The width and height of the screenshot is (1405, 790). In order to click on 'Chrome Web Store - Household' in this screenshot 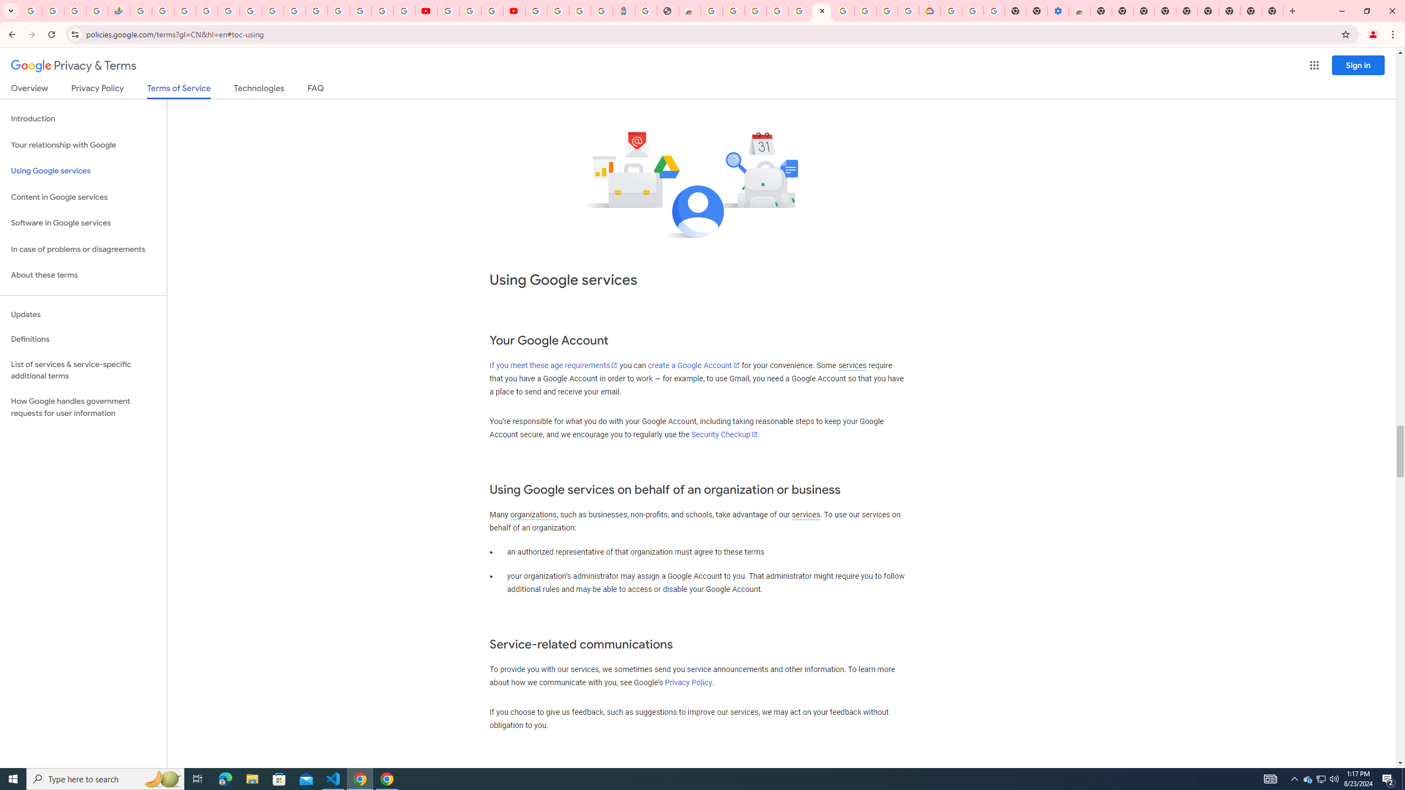, I will do `click(689, 10)`.